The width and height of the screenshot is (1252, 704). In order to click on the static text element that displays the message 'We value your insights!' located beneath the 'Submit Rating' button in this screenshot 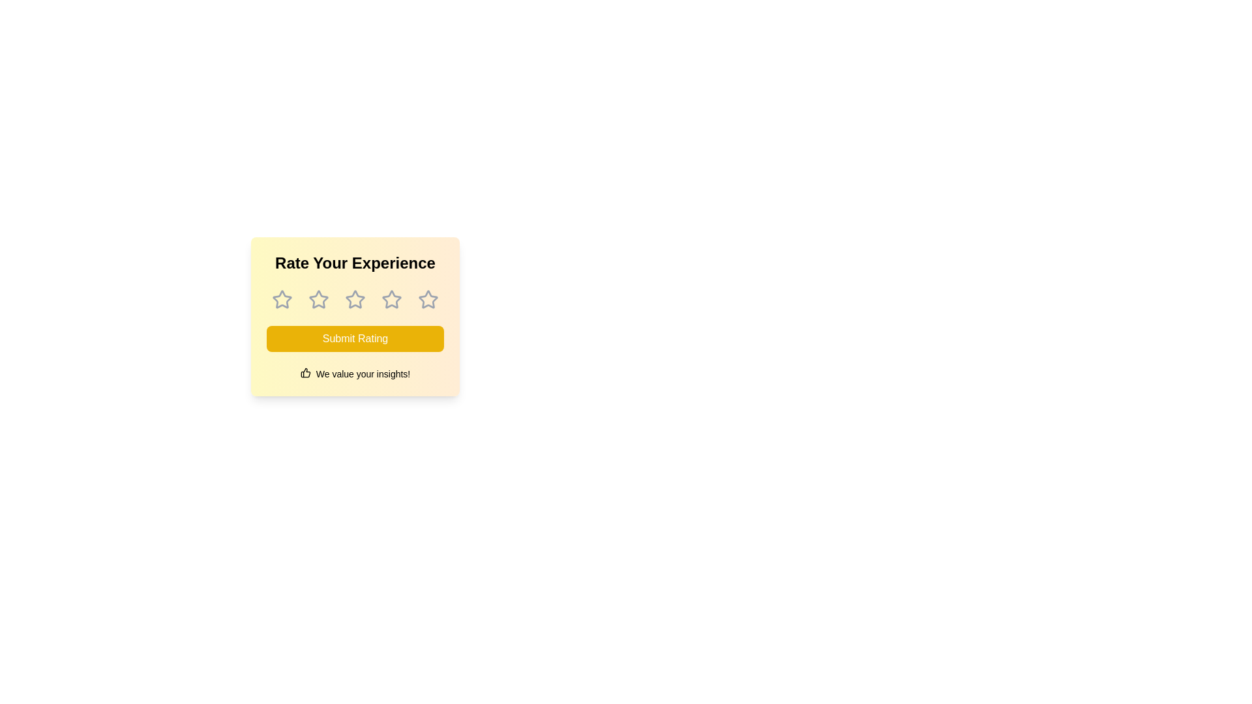, I will do `click(355, 374)`.